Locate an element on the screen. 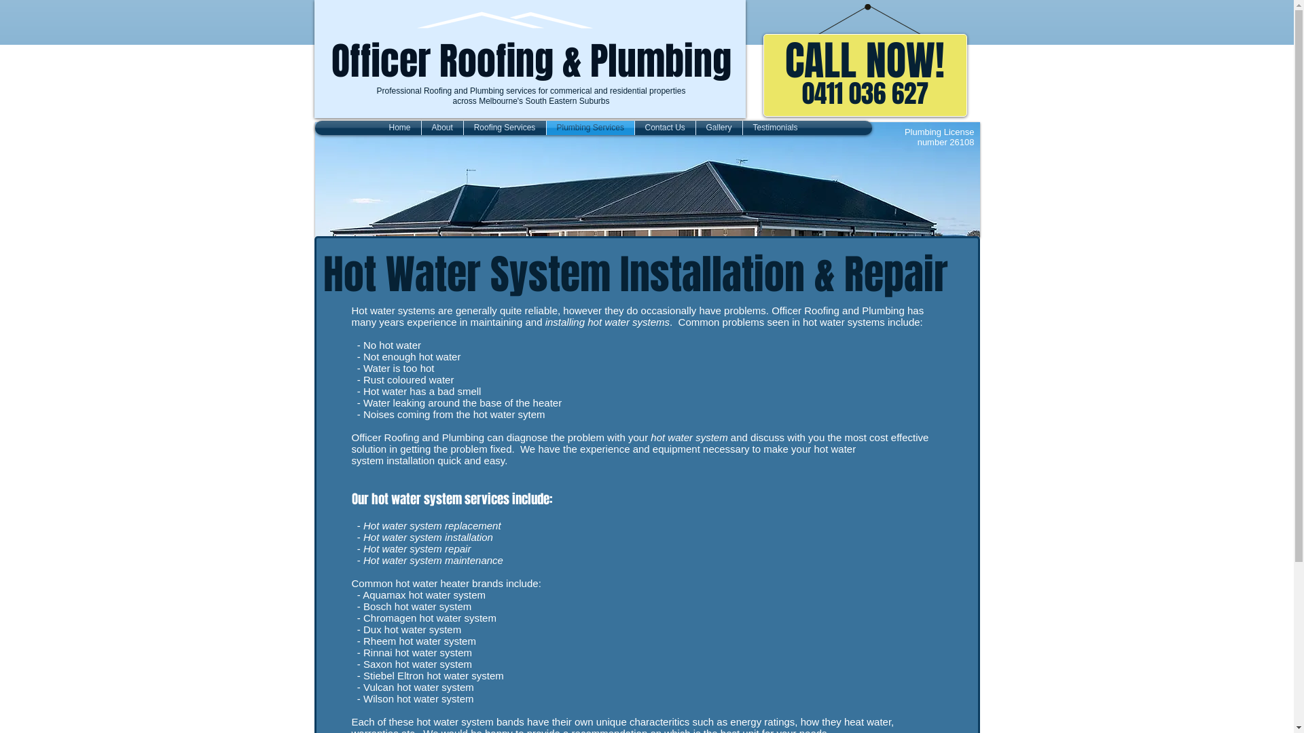 The image size is (1304, 733). 'Roofing Services' is located at coordinates (503, 128).